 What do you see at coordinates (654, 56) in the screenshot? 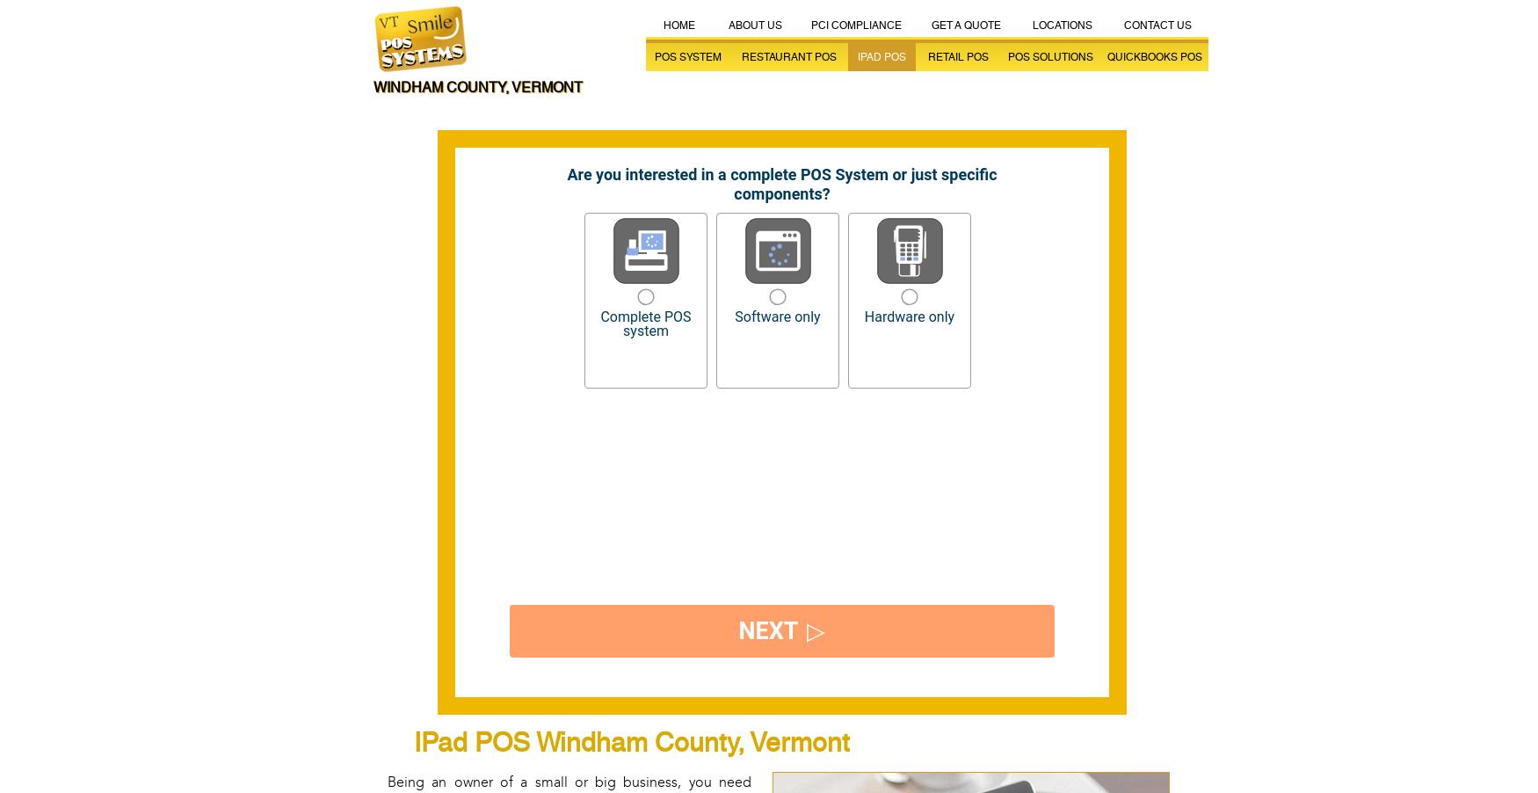
I see `'POS System'` at bounding box center [654, 56].